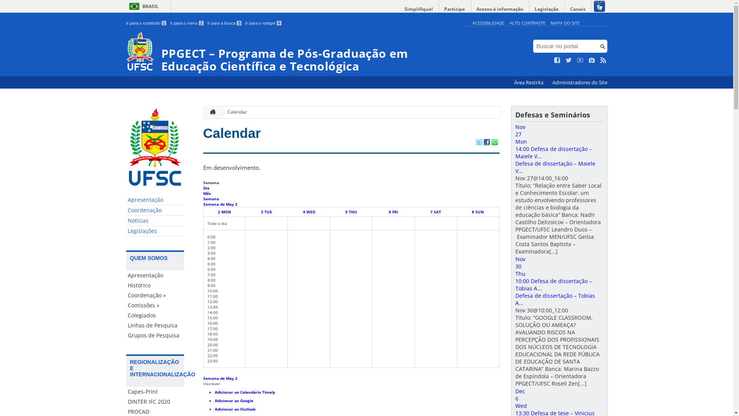 The width and height of the screenshot is (739, 416). I want to click on 'ALTO CONTRASTE', so click(527, 22).